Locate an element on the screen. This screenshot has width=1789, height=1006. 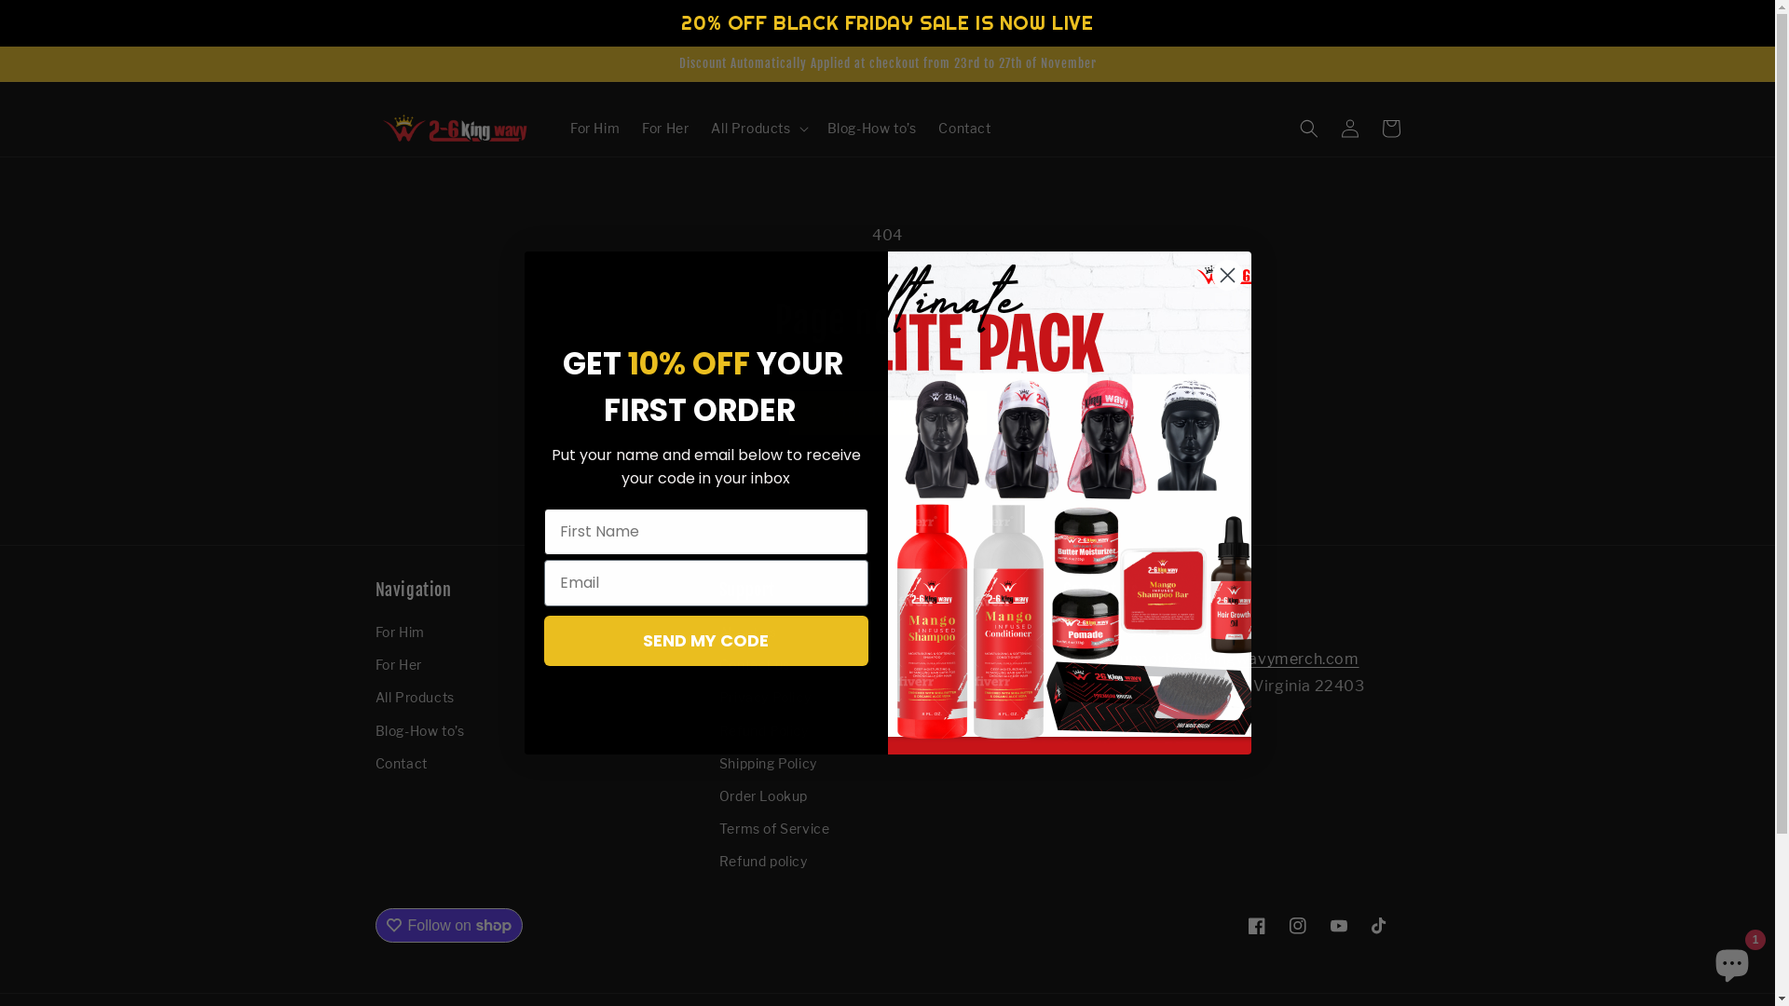
'SEND MY CODE' is located at coordinates (705, 638).